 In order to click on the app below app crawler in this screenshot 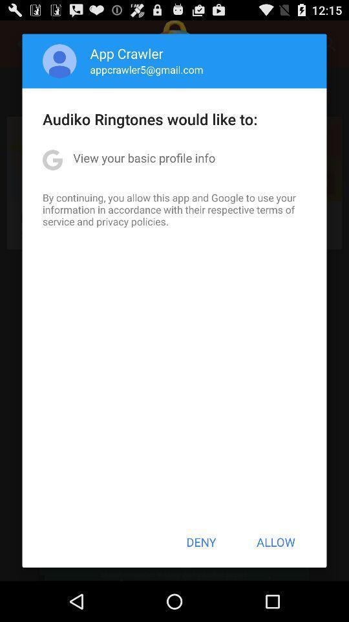, I will do `click(146, 69)`.